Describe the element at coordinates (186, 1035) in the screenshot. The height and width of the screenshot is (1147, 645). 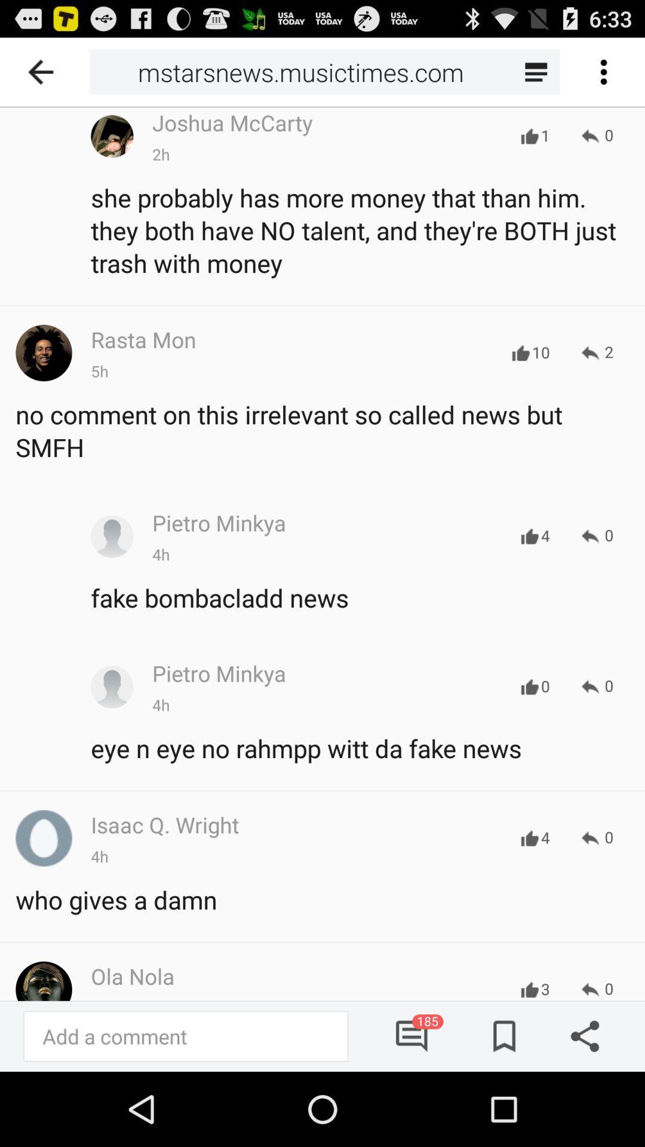
I see `add a comment` at that location.